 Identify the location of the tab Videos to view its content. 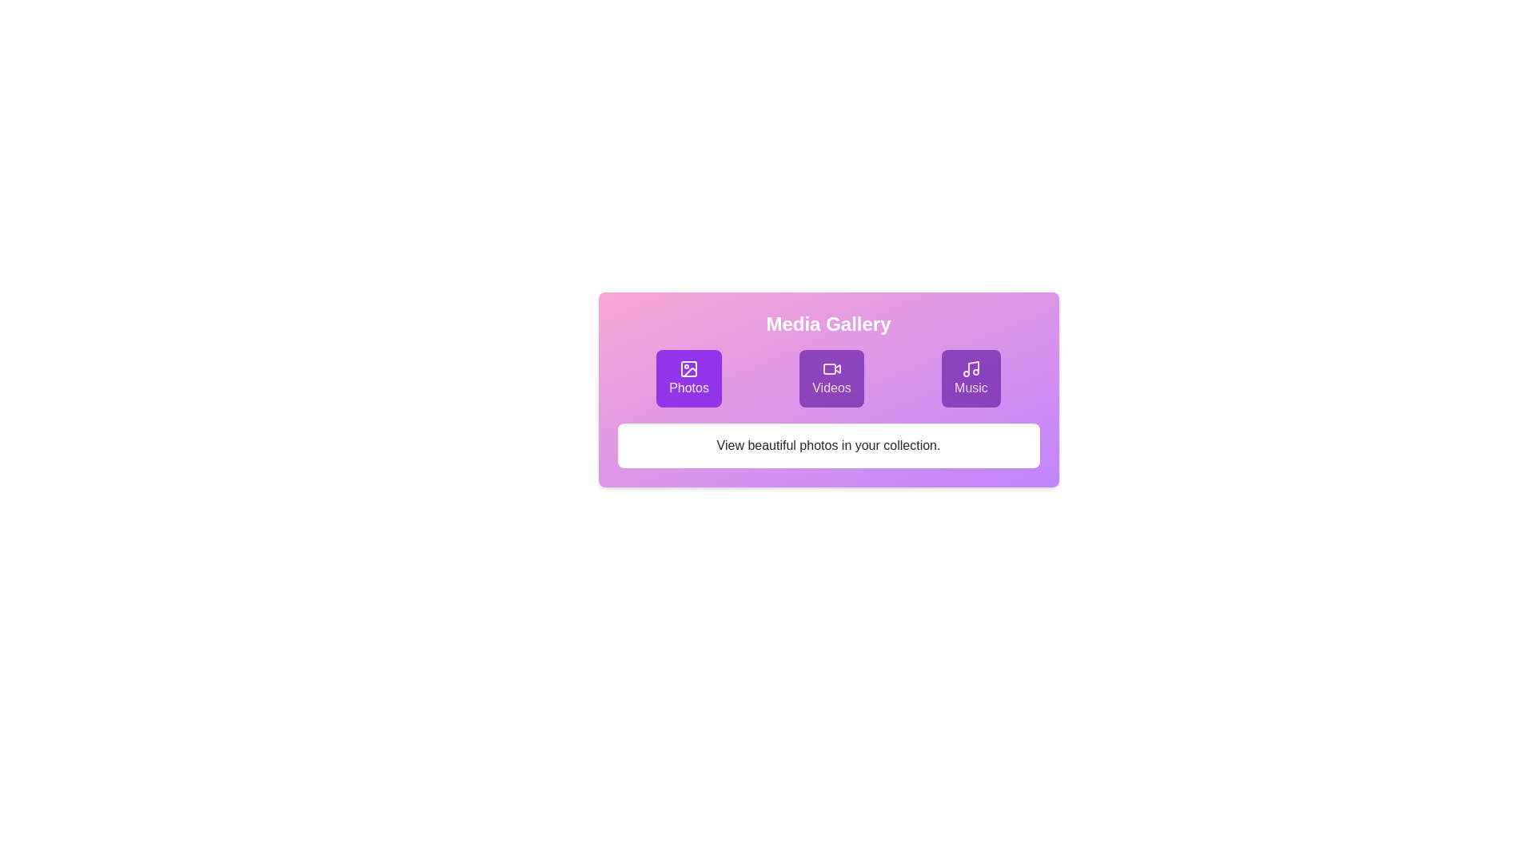
(831, 379).